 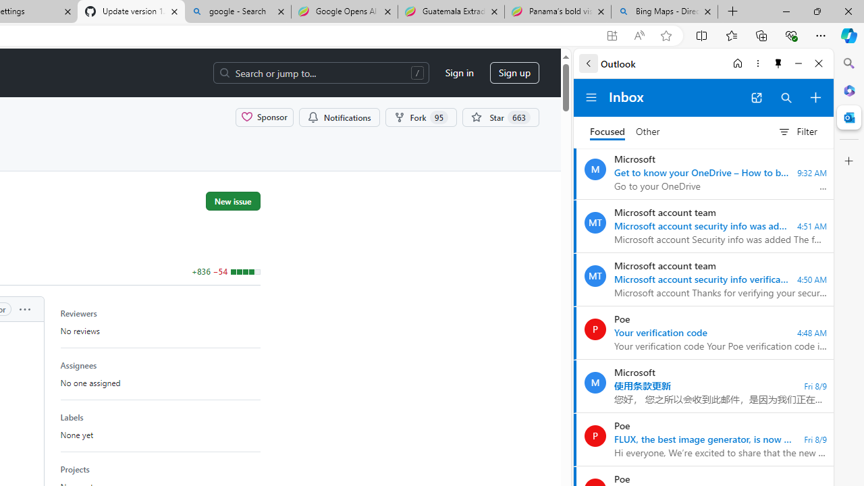 I want to click on 'Fork 95', so click(x=421, y=116).